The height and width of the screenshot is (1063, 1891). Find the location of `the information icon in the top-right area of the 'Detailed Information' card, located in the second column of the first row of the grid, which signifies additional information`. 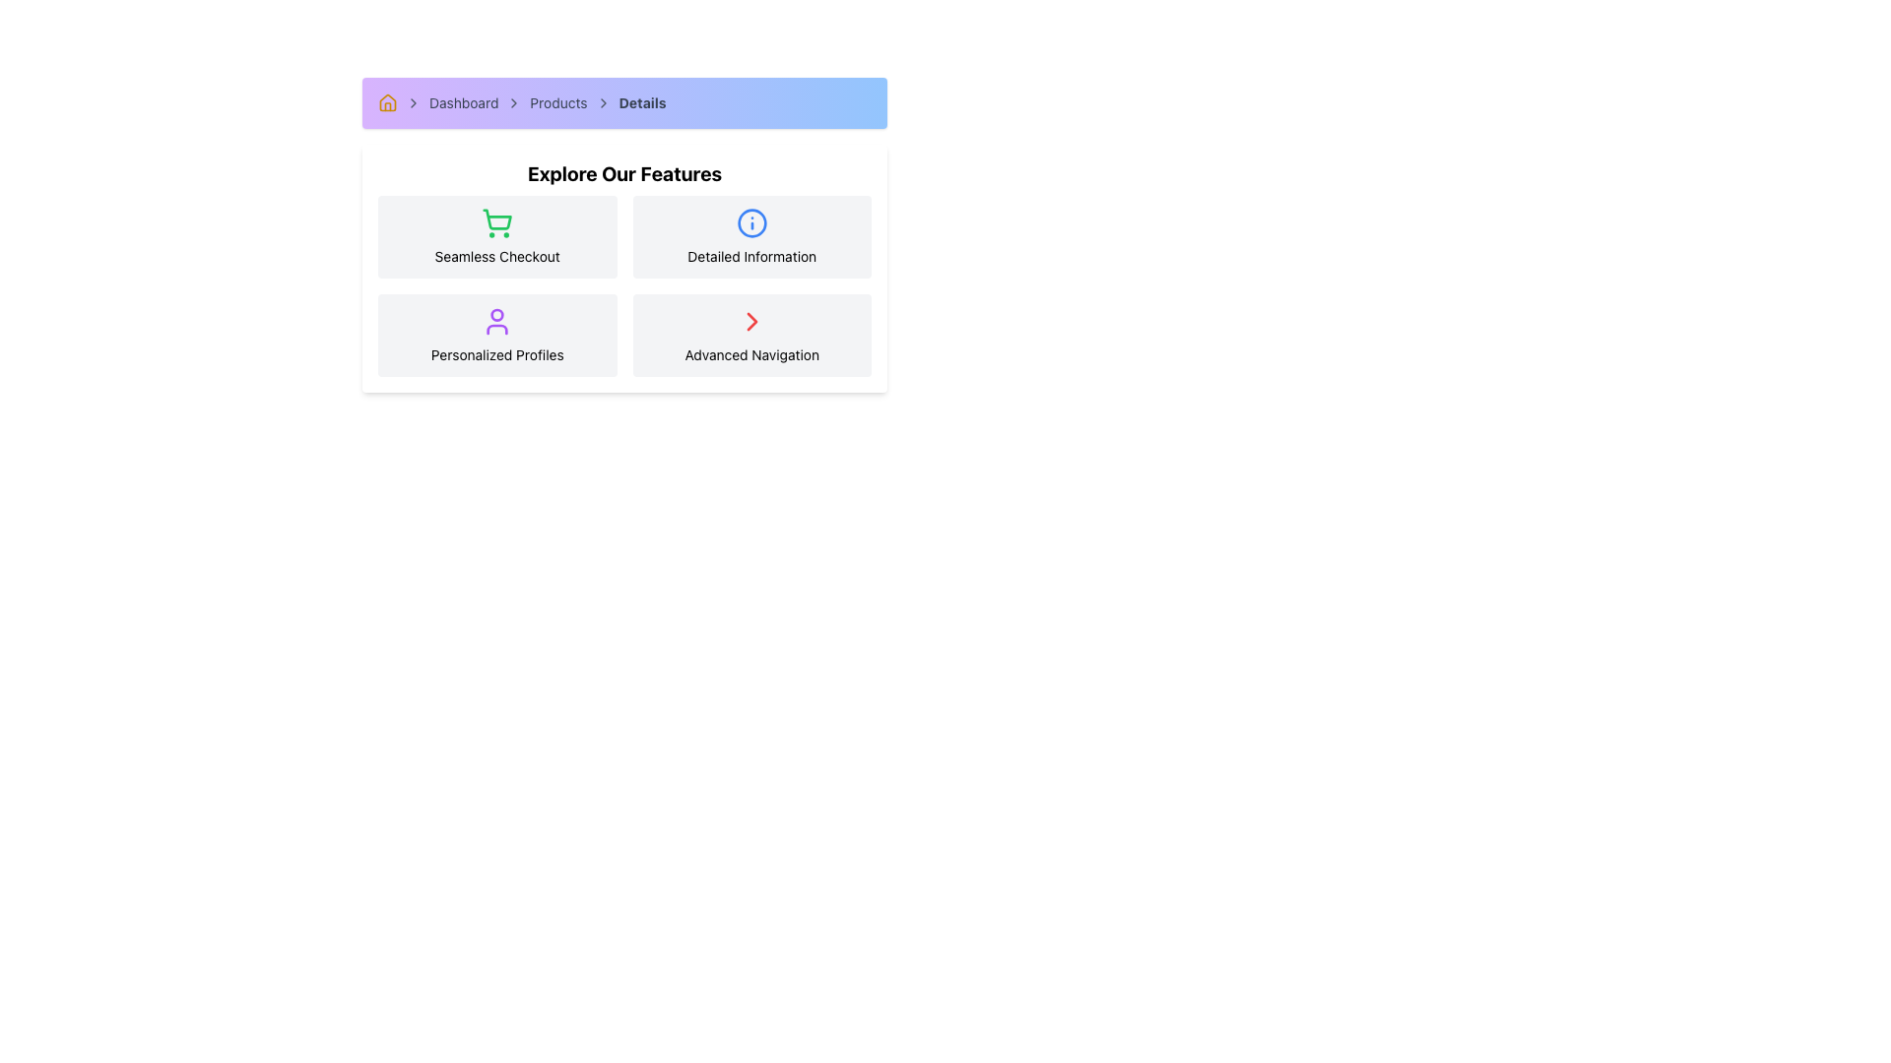

the information icon in the top-right area of the 'Detailed Information' card, located in the second column of the first row of the grid, which signifies additional information is located at coordinates (750, 222).